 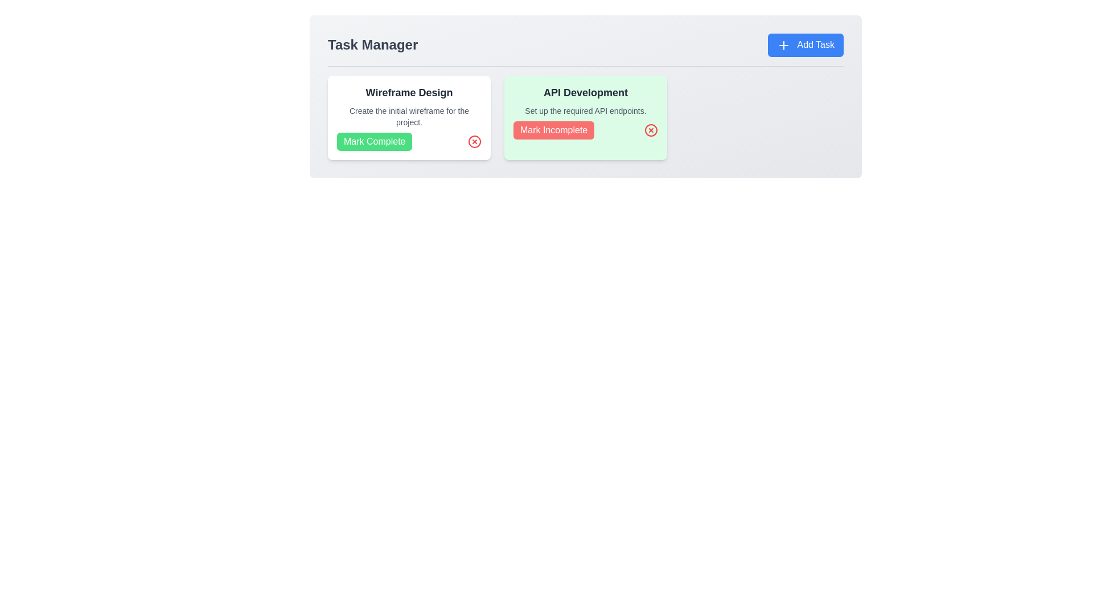 I want to click on the circular close or delete button located in the top center-right area of the 'Wireframe Design' task card, so click(x=475, y=140).